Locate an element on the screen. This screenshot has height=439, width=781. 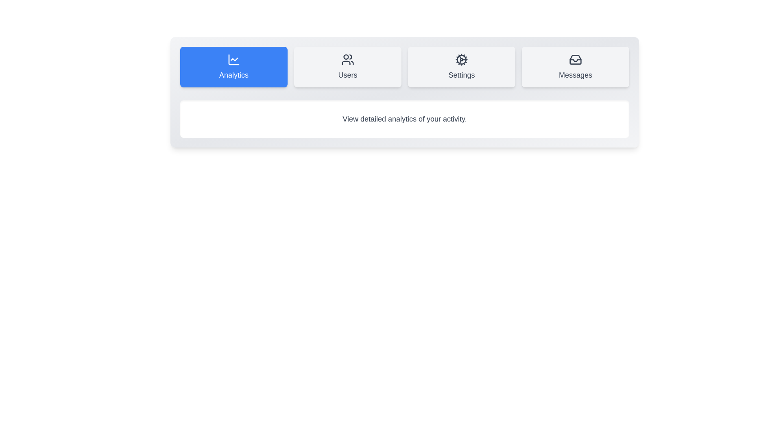
the Analytics tab to switch the active section is located at coordinates (233, 67).